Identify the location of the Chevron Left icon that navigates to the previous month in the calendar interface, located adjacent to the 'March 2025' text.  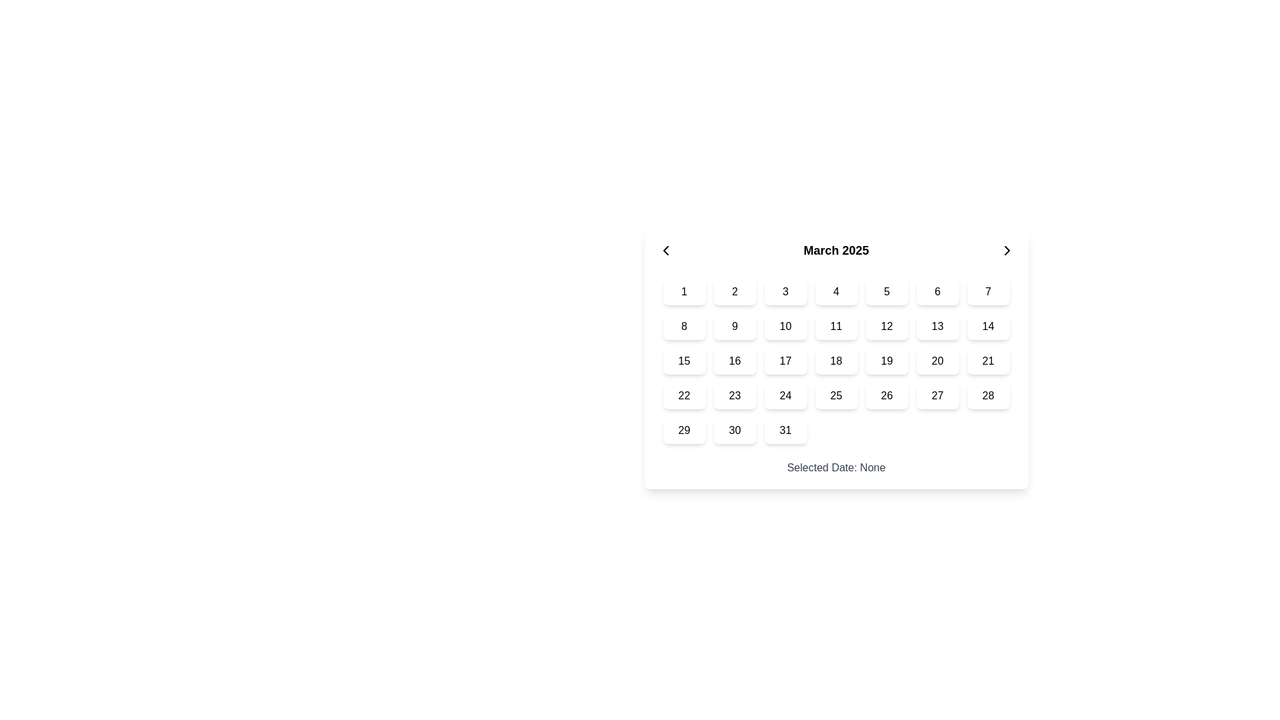
(665, 250).